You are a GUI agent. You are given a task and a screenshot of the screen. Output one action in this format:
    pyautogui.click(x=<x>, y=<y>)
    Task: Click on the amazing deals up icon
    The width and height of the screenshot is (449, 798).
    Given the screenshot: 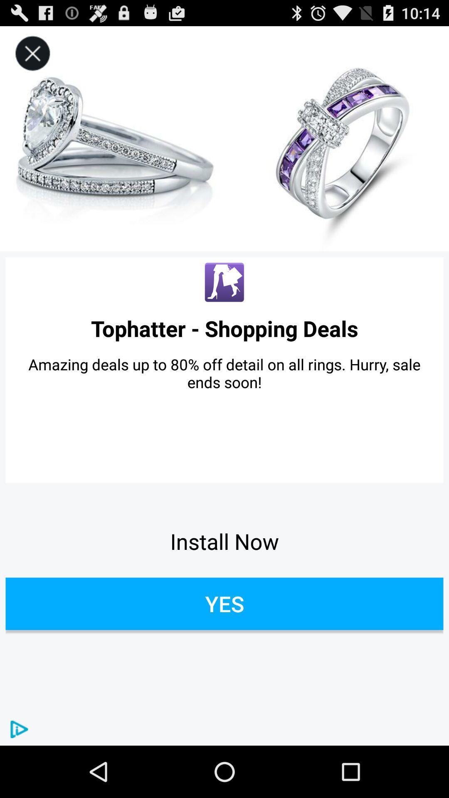 What is the action you would take?
    pyautogui.click(x=224, y=373)
    